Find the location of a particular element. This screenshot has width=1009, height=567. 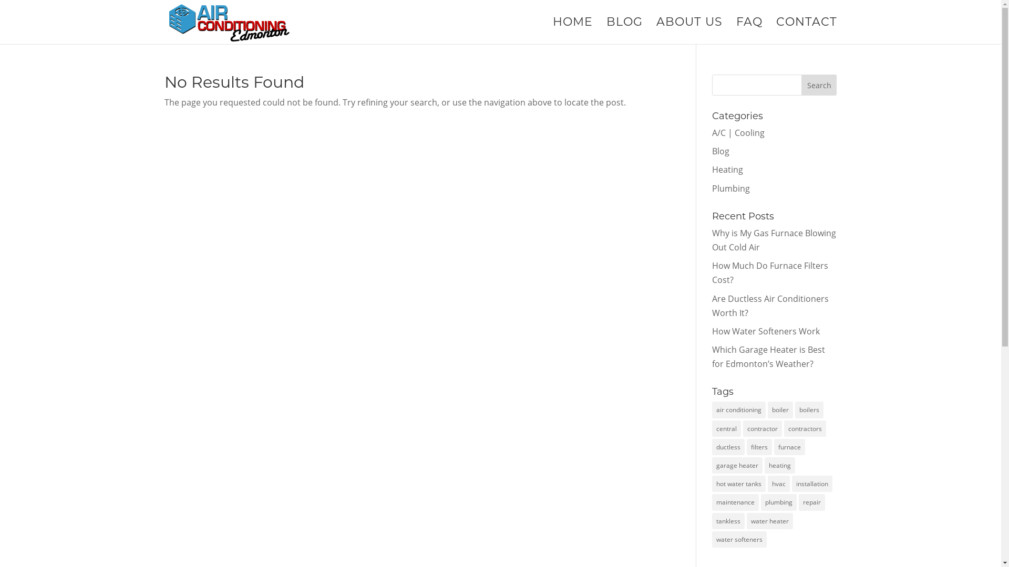

'A/C | Cooling' is located at coordinates (712, 132).